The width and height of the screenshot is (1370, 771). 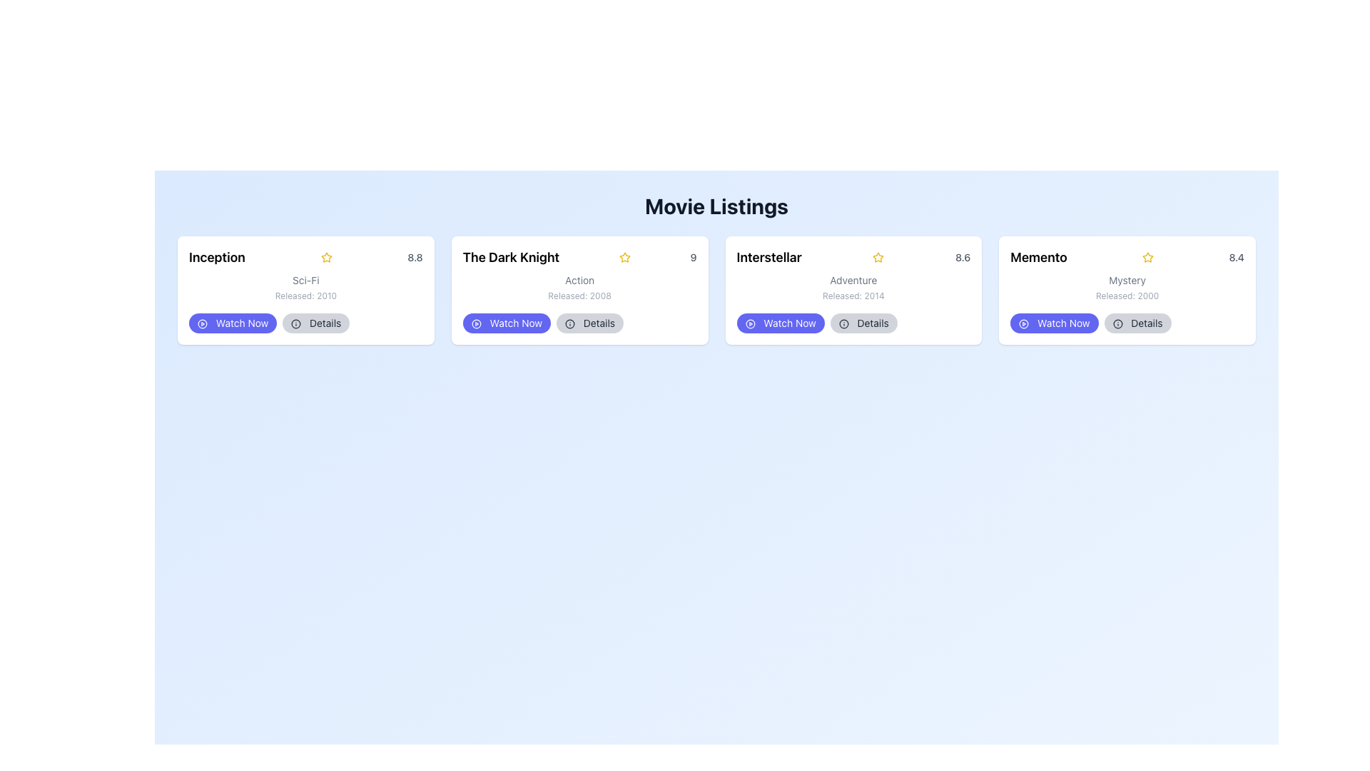 What do you see at coordinates (569, 324) in the screenshot?
I see `the circular shape in the SVG graphic that is part of the info icon, styled with the class 'lucide lucide-info inline-block mr-2'` at bounding box center [569, 324].